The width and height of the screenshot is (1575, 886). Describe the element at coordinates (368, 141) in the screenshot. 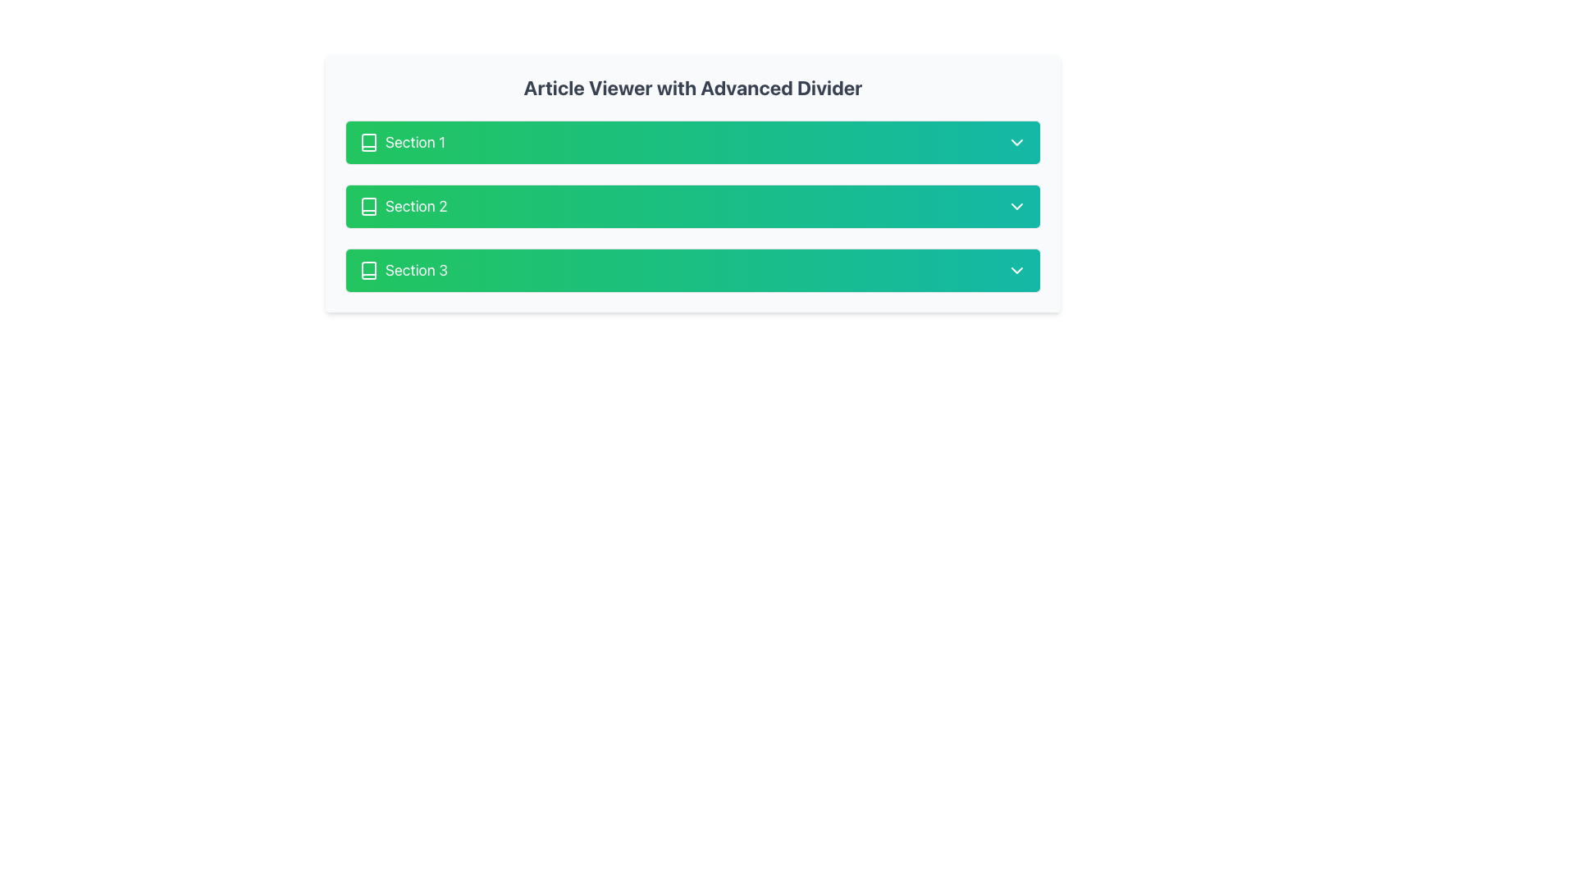

I see `the first book icon located at the leftmost side of the 'Section 1' row, which serves as a graphical representation of reading material` at that location.